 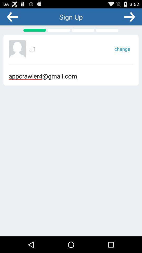 What do you see at coordinates (129, 17) in the screenshot?
I see `next` at bounding box center [129, 17].